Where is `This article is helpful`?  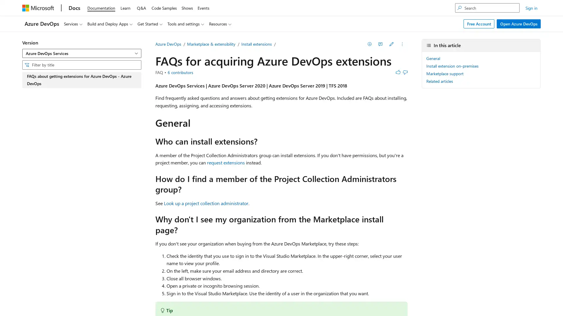 This article is helpful is located at coordinates (398, 72).